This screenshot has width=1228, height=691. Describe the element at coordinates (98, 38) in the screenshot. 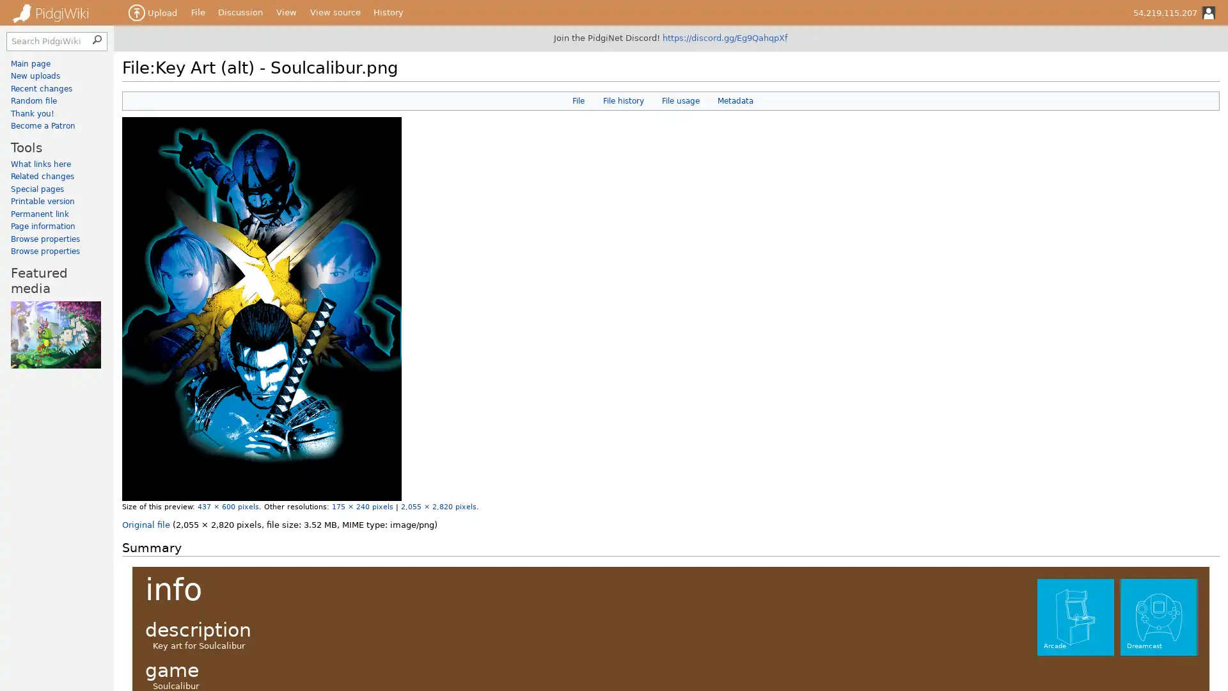

I see `Search` at that location.